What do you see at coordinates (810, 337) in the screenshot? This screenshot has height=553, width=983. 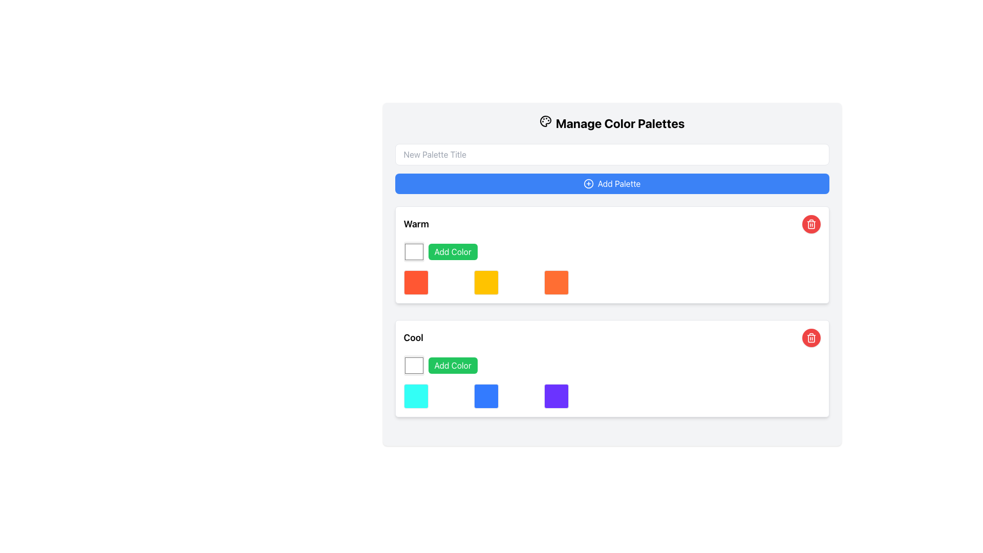 I see `the circular delete button located on the right side of the 'Cool' section` at bounding box center [810, 337].